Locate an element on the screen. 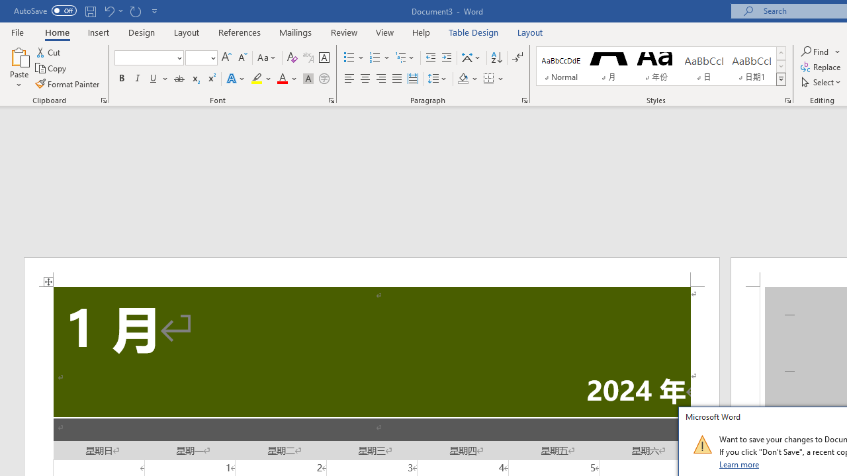 The height and width of the screenshot is (476, 847). 'Replace...' is located at coordinates (821, 67).